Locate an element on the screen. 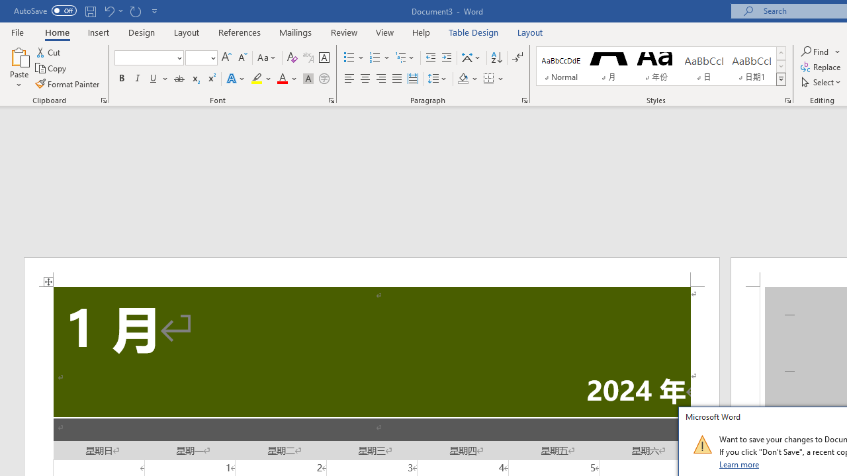 The height and width of the screenshot is (476, 847). 'Replace...' is located at coordinates (821, 67).